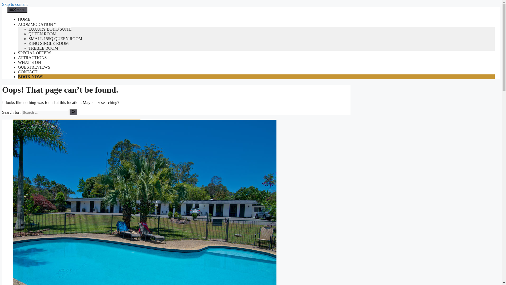 Image resolution: width=506 pixels, height=285 pixels. I want to click on 'QUEEN ROOM', so click(42, 34).